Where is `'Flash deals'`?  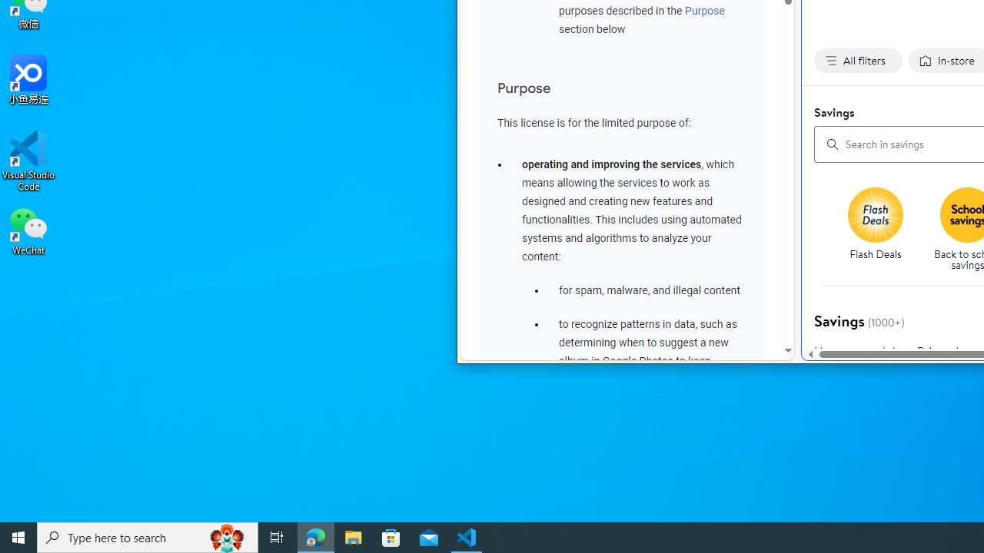
'Flash deals' is located at coordinates (876, 215).